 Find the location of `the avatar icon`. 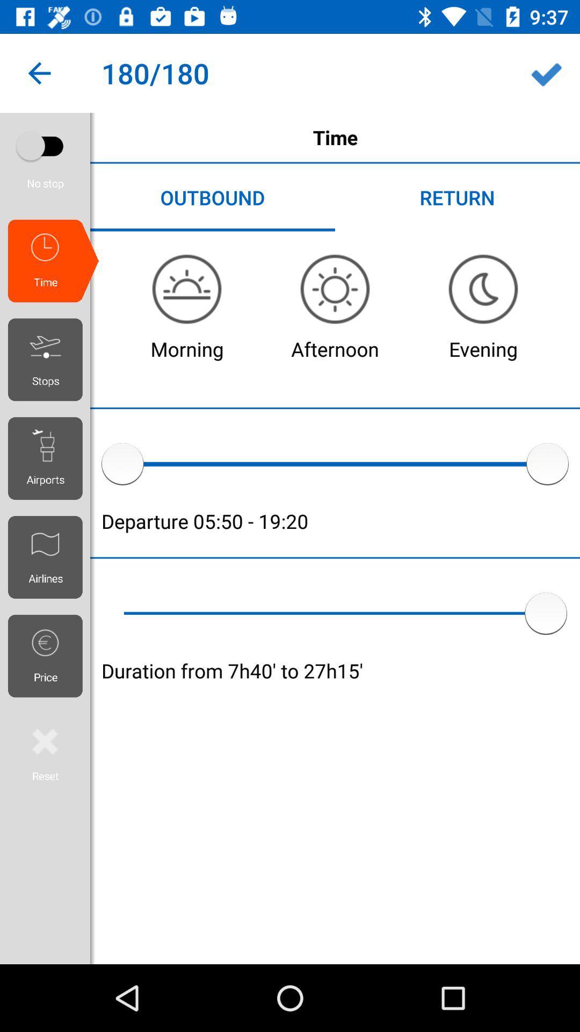

the avatar icon is located at coordinates (186, 289).